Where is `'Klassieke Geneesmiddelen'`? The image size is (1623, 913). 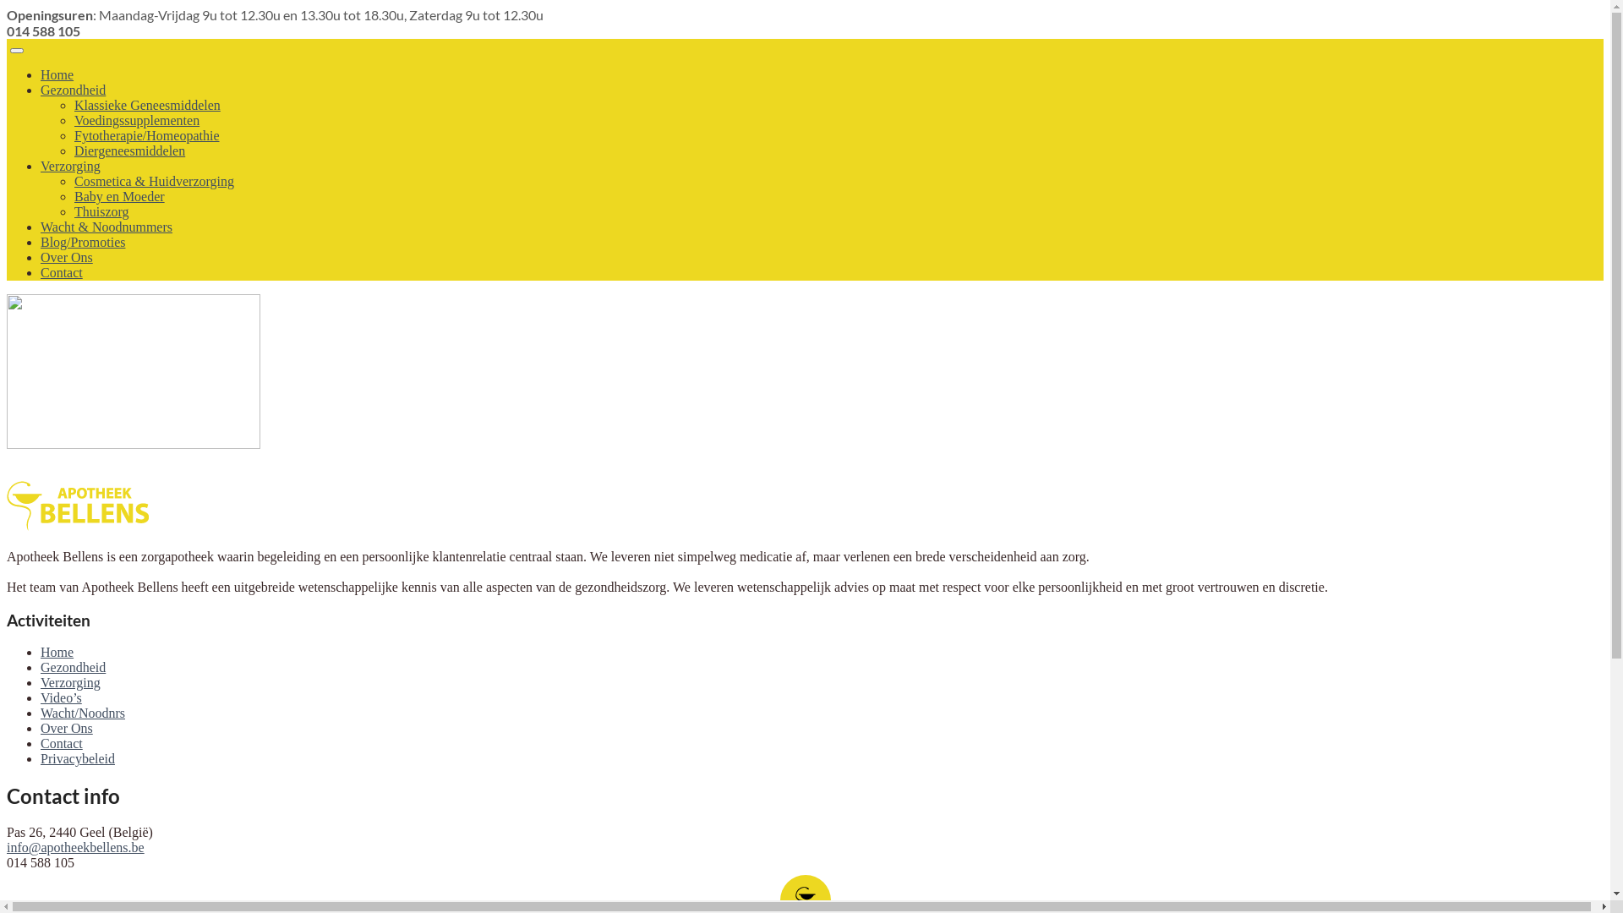 'Klassieke Geneesmiddelen' is located at coordinates (147, 105).